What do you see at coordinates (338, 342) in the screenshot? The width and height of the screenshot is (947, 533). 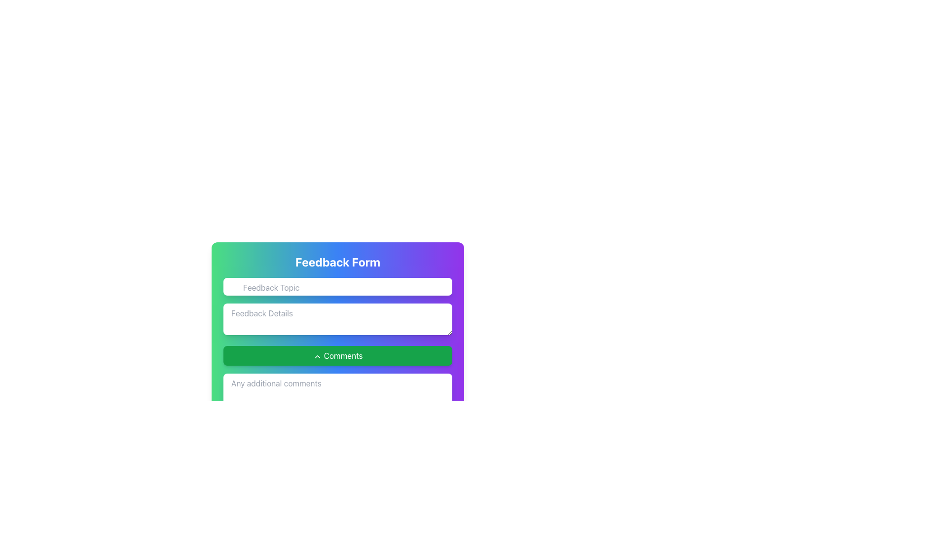 I see `the 'Comments' toggle button with a green background and upward arrow icon` at bounding box center [338, 342].